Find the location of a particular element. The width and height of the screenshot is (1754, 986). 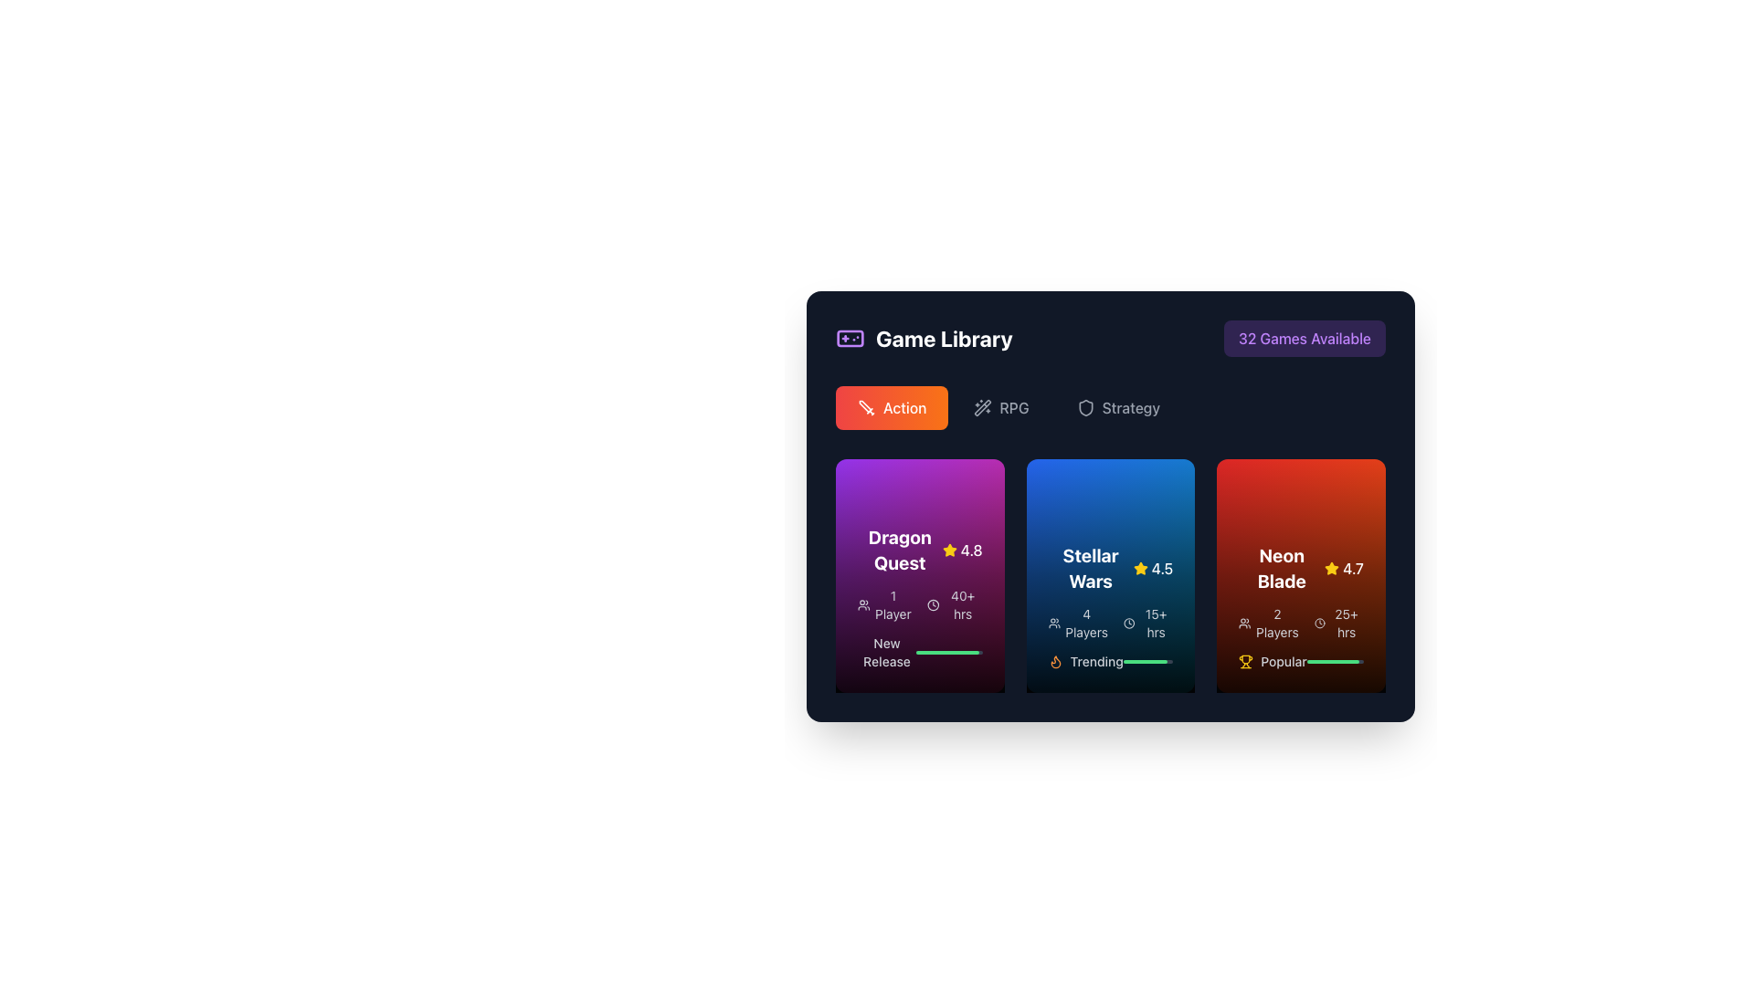

the 'Stellar Wars' text label, which displays in a bold, white font against a dark blue background within the second game card of the 'Game Library' interface is located at coordinates (1091, 568).